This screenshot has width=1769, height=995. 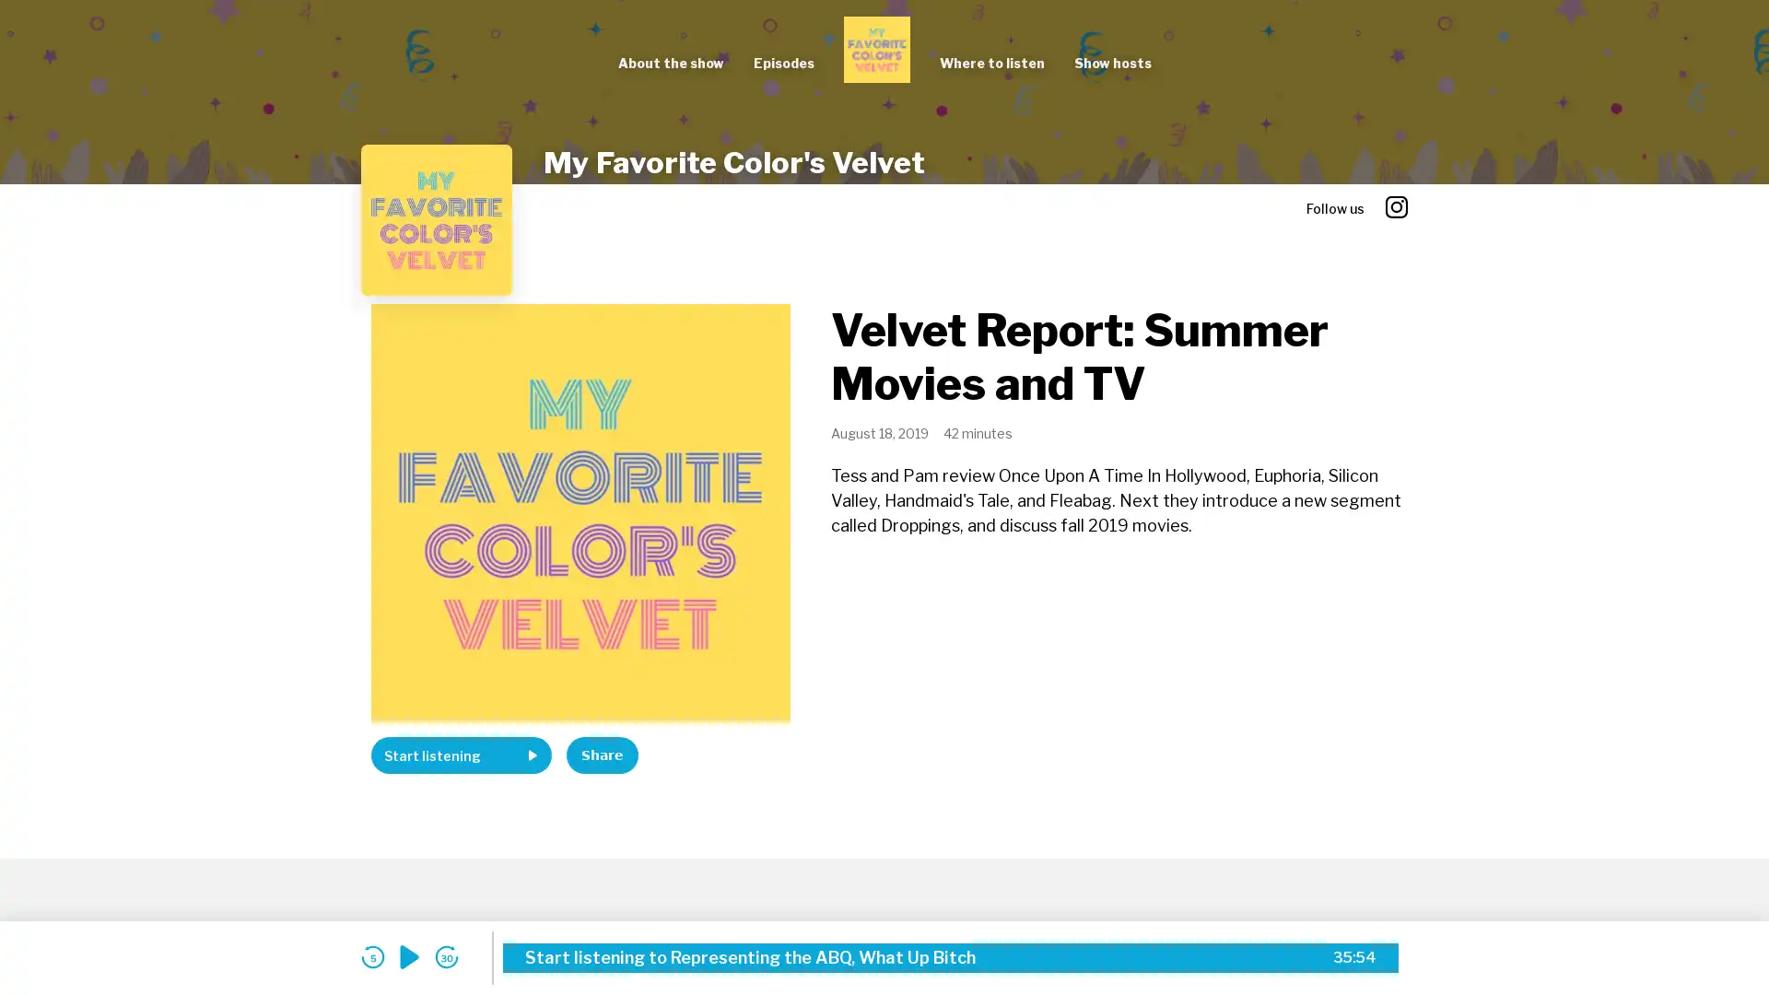 I want to click on skip forward 30 seconds, so click(x=446, y=956).